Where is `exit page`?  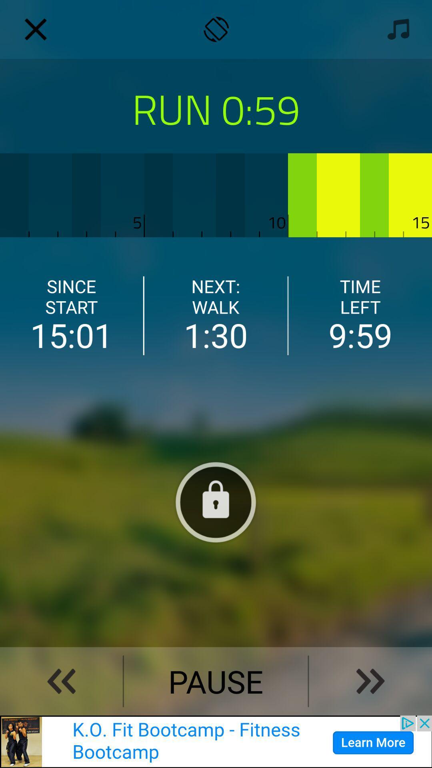
exit page is located at coordinates (35, 29).